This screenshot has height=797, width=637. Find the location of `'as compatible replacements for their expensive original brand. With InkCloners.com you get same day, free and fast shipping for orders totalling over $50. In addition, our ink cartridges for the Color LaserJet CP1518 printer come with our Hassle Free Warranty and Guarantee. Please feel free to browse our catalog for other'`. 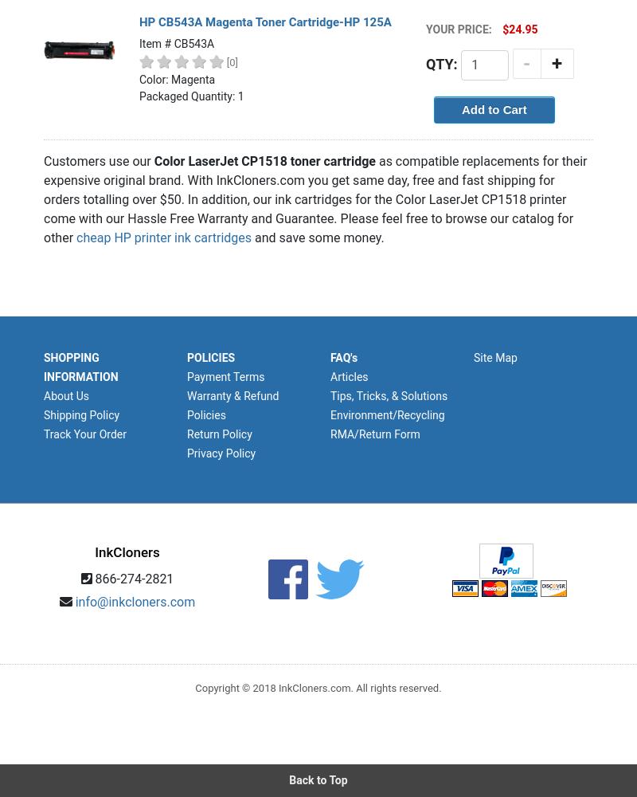

'as compatible replacements for their expensive original brand. With InkCloners.com you get same day, free and fast shipping for orders totalling over $50. In addition, our ink cartridges for the Color LaserJet CP1518 printer come with our Hassle Free Warranty and Guarantee. Please feel free to browse our catalog for other' is located at coordinates (43, 199).